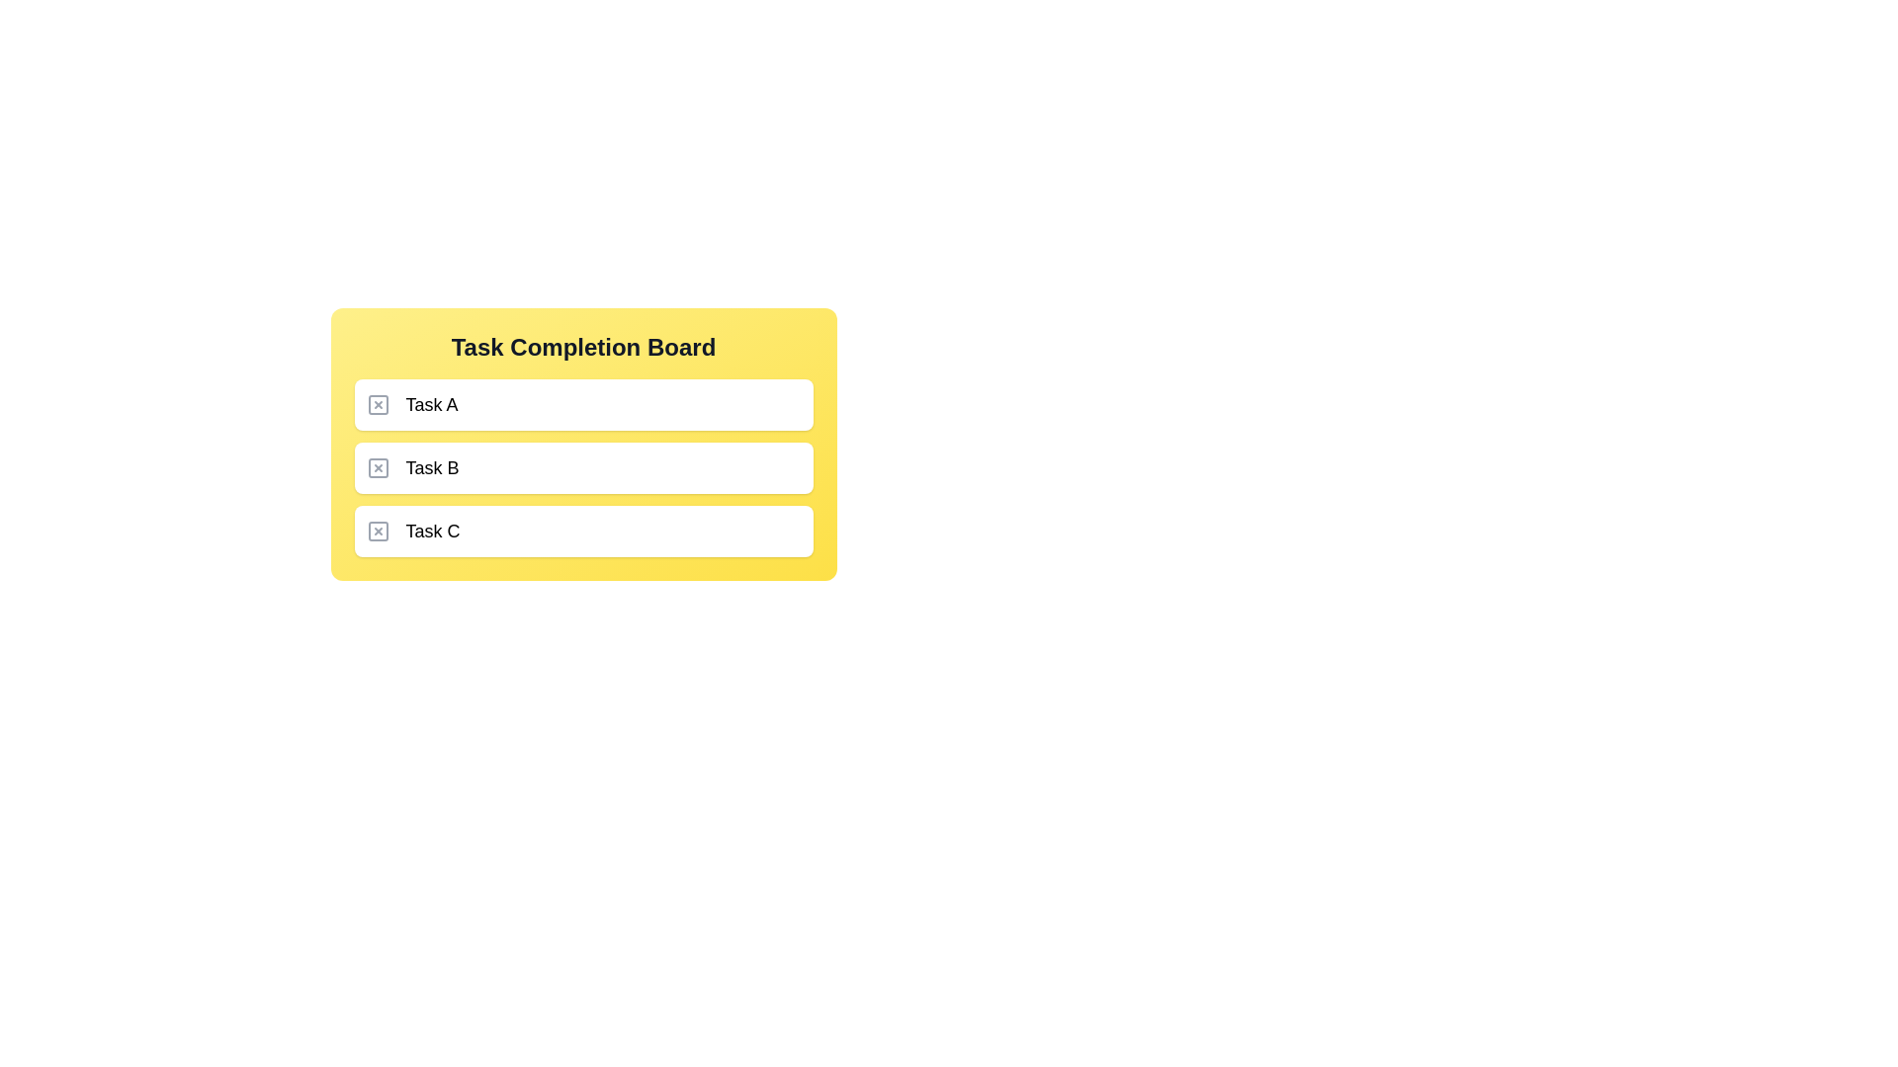  Describe the element at coordinates (378, 530) in the screenshot. I see `the small square icon with a centered 'X' inside it, which is the leftmost button in the row labeled 'Task C'` at that location.